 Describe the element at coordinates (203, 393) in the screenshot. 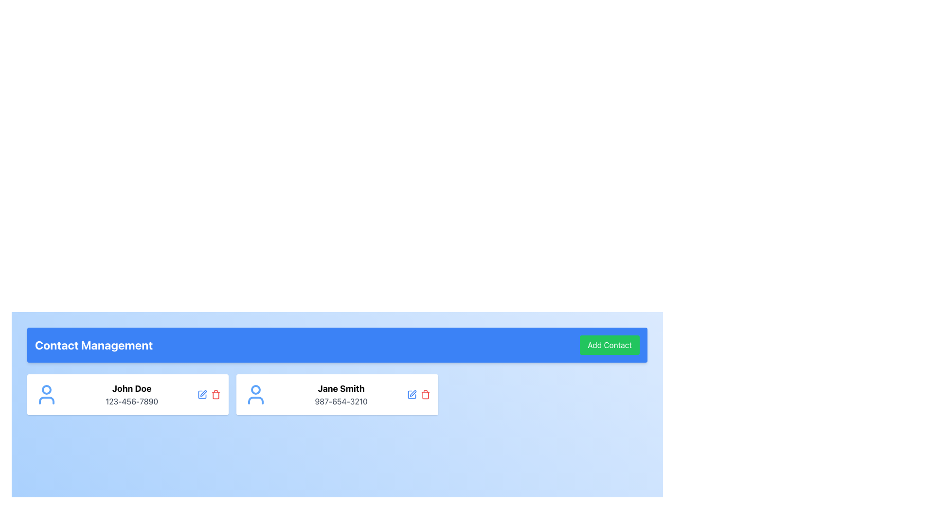

I see `the pen icon button located in the top-right corner of the first contact card for 'John Doe' to initiate editing of the contact details` at that location.